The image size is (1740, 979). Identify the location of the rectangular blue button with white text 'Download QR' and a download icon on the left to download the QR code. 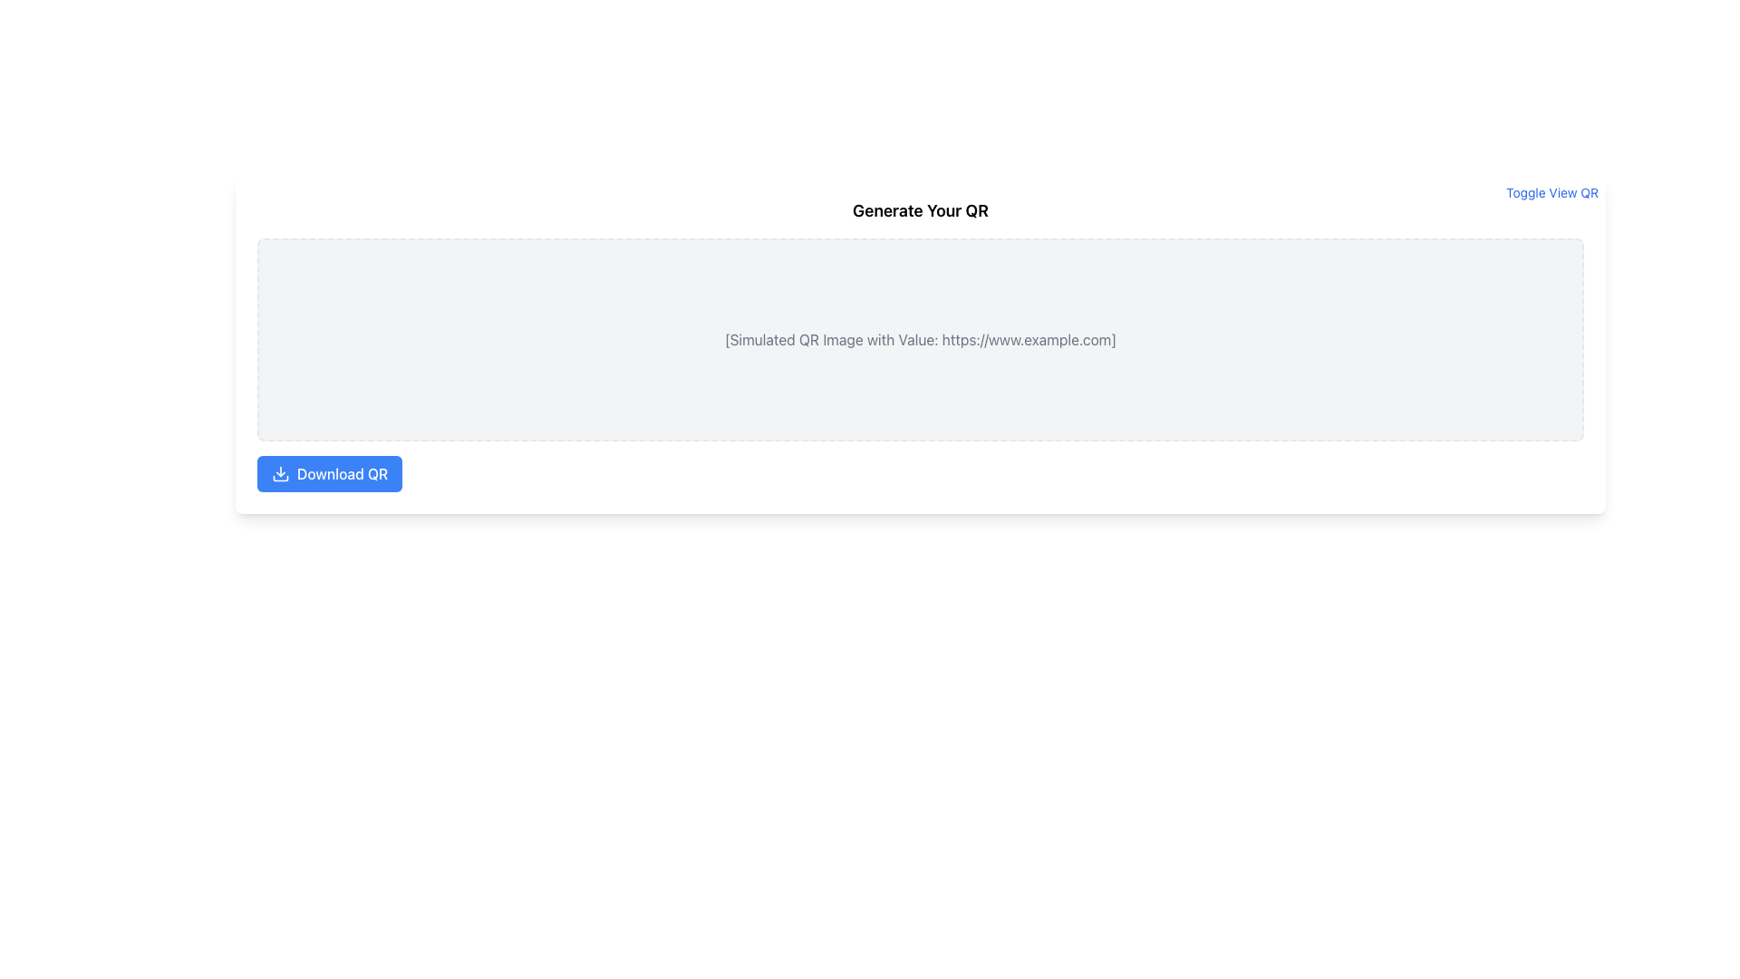
(330, 473).